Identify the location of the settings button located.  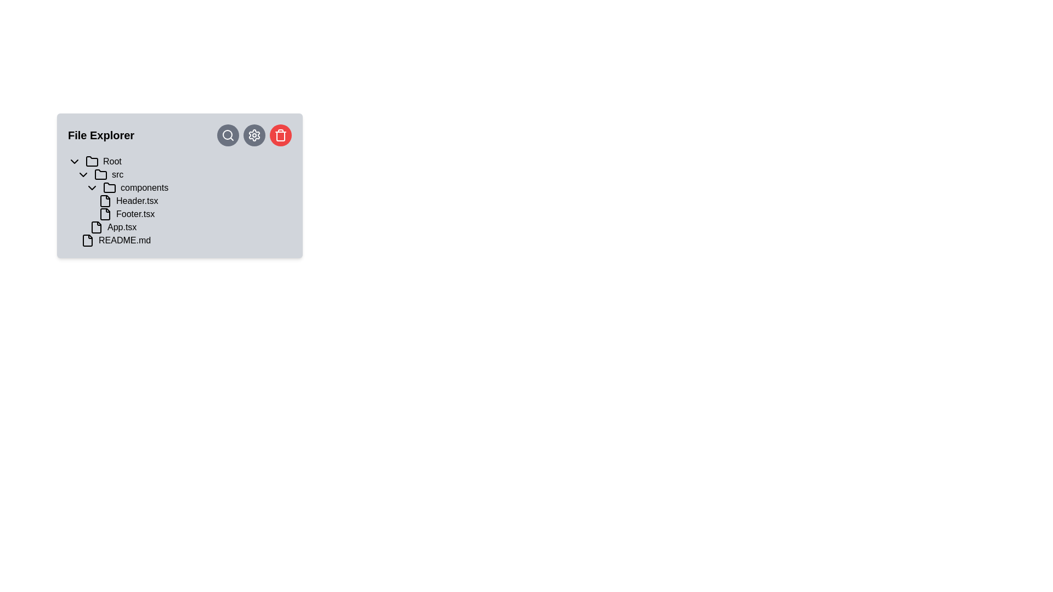
(254, 134).